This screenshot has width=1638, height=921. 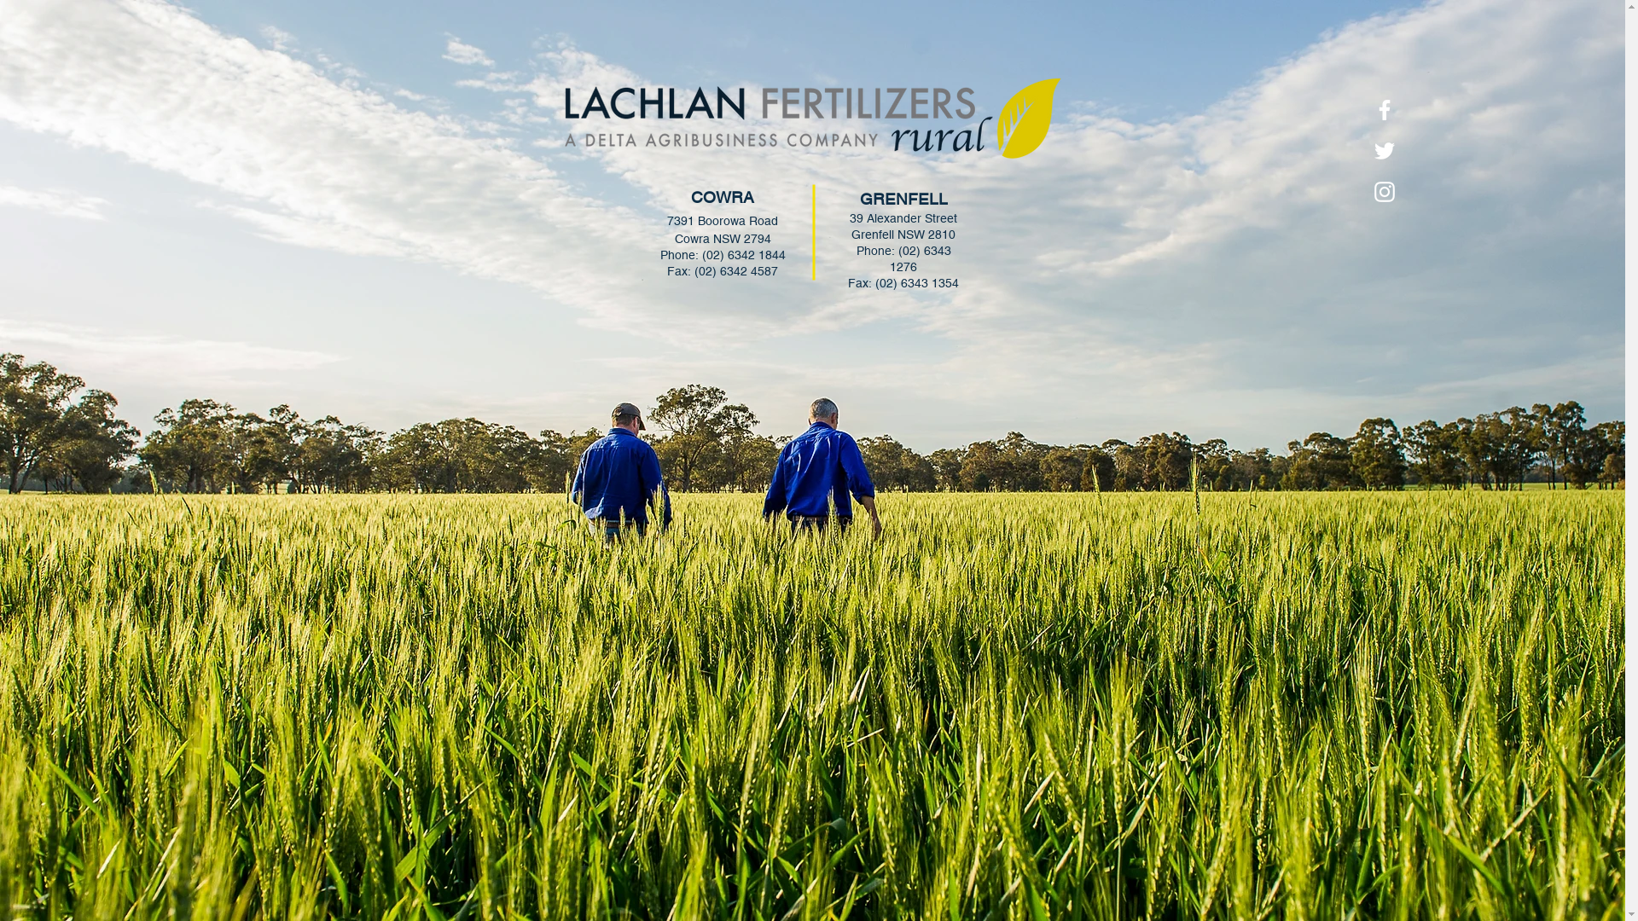 I want to click on '(02) 6342 1844', so click(x=742, y=255).